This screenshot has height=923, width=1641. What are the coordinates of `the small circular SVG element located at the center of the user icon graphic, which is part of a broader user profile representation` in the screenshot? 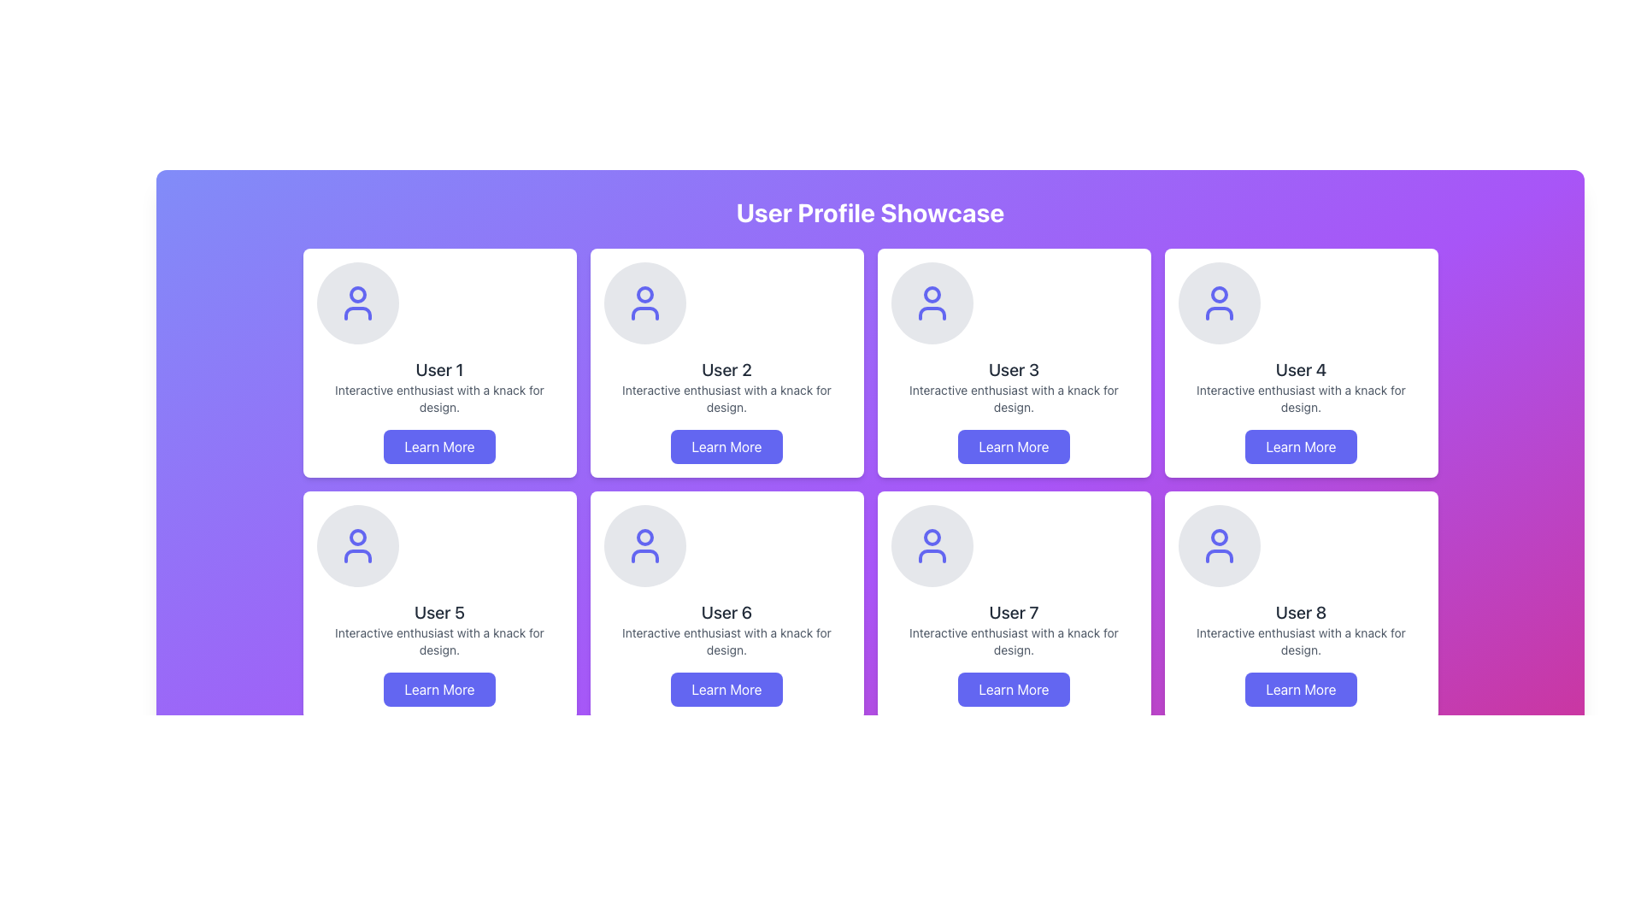 It's located at (931, 536).